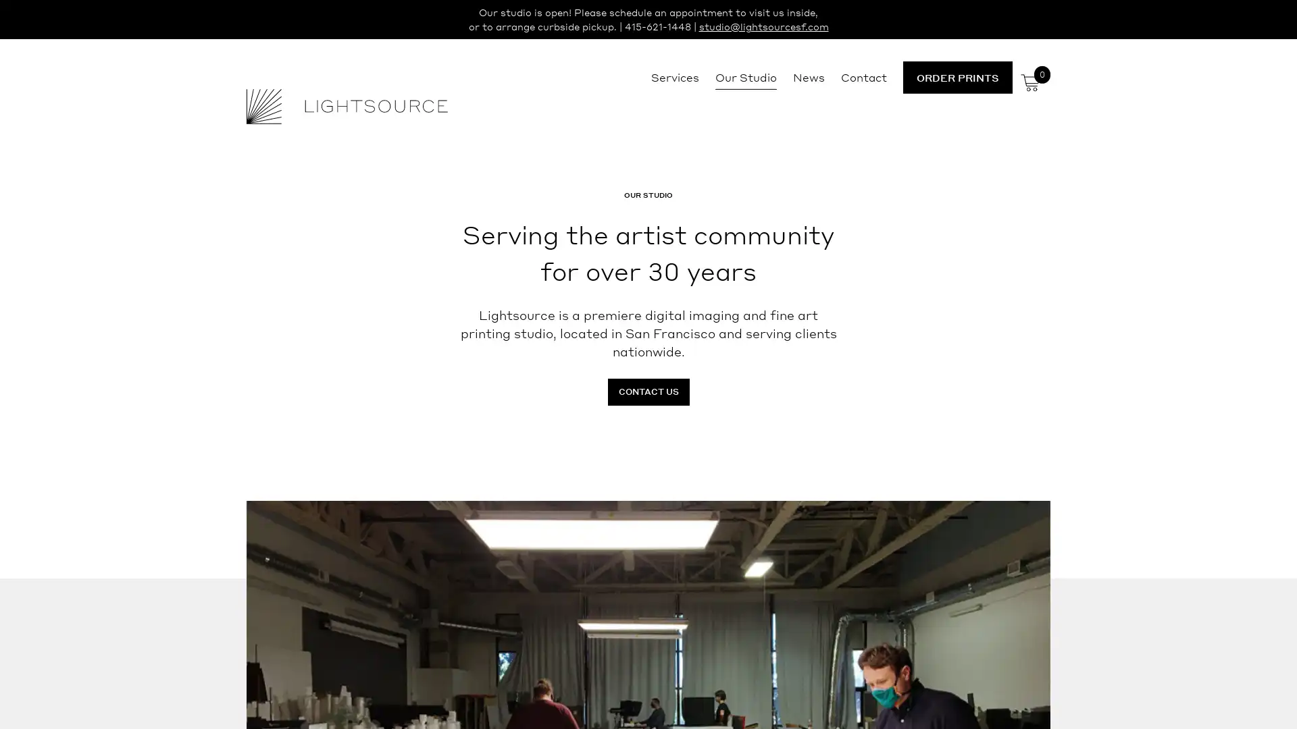  Describe the element at coordinates (775, 470) in the screenshot. I see `Sign up` at that location.